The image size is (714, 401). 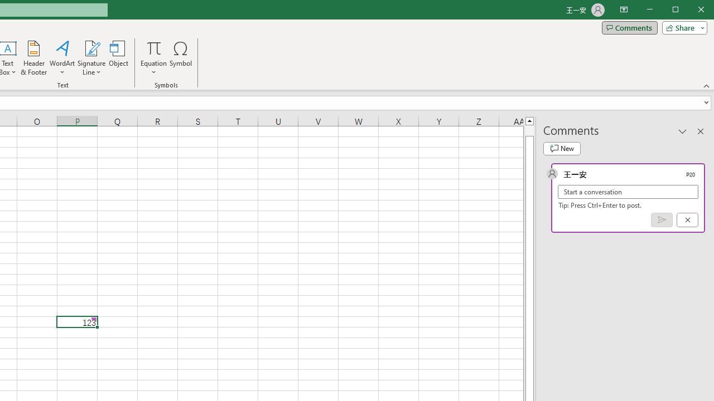 What do you see at coordinates (119, 58) in the screenshot?
I see `'Object...'` at bounding box center [119, 58].